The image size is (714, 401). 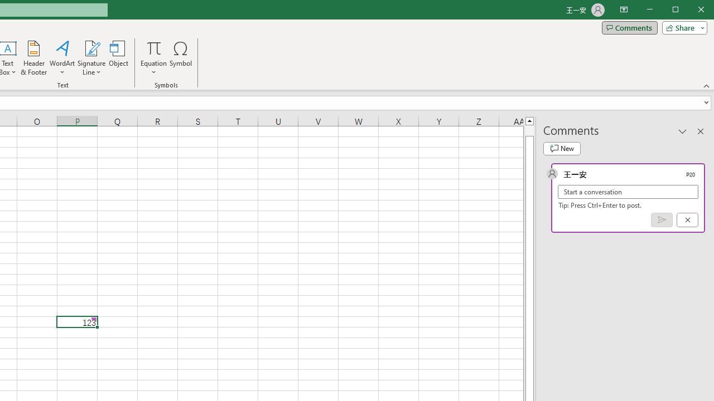 What do you see at coordinates (119, 58) in the screenshot?
I see `'Object...'` at bounding box center [119, 58].